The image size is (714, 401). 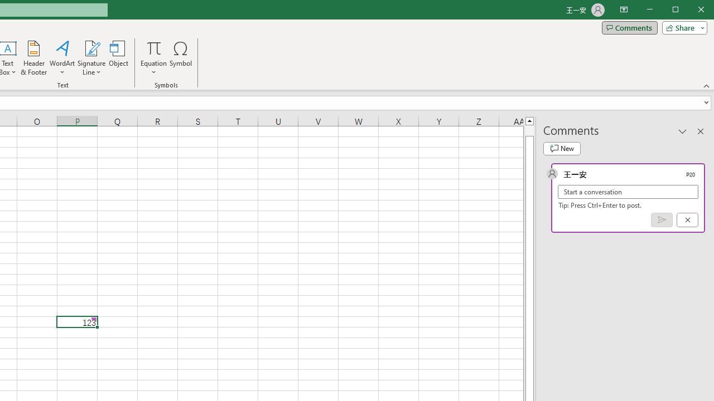 What do you see at coordinates (119, 58) in the screenshot?
I see `'Object...'` at bounding box center [119, 58].